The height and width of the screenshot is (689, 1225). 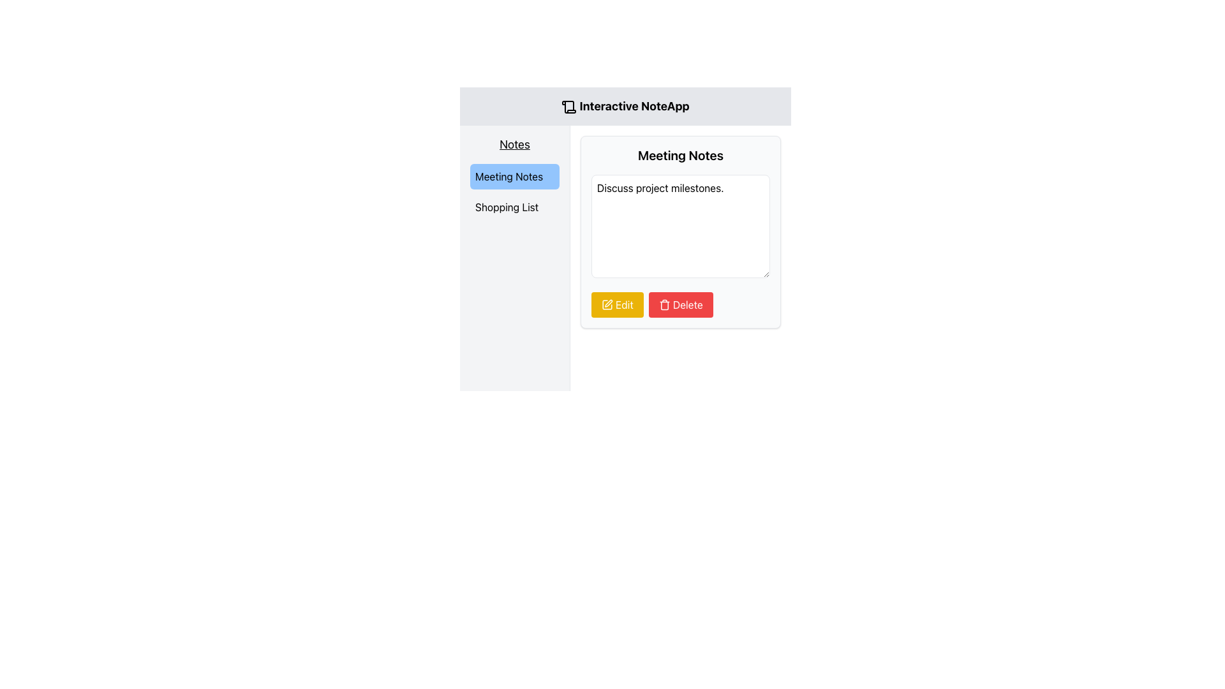 What do you see at coordinates (514, 206) in the screenshot?
I see `to select the 'Shopping List' text label located directly below the 'Meeting Notes' in the left sidebar of the application interface` at bounding box center [514, 206].